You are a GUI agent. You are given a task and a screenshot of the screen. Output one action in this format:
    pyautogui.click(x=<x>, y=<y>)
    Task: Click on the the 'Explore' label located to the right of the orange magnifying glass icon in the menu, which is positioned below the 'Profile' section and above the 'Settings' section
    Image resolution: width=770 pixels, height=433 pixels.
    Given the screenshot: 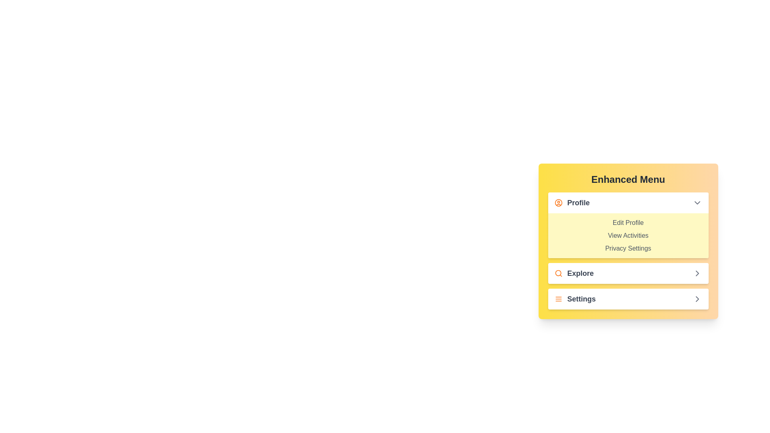 What is the action you would take?
    pyautogui.click(x=580, y=273)
    